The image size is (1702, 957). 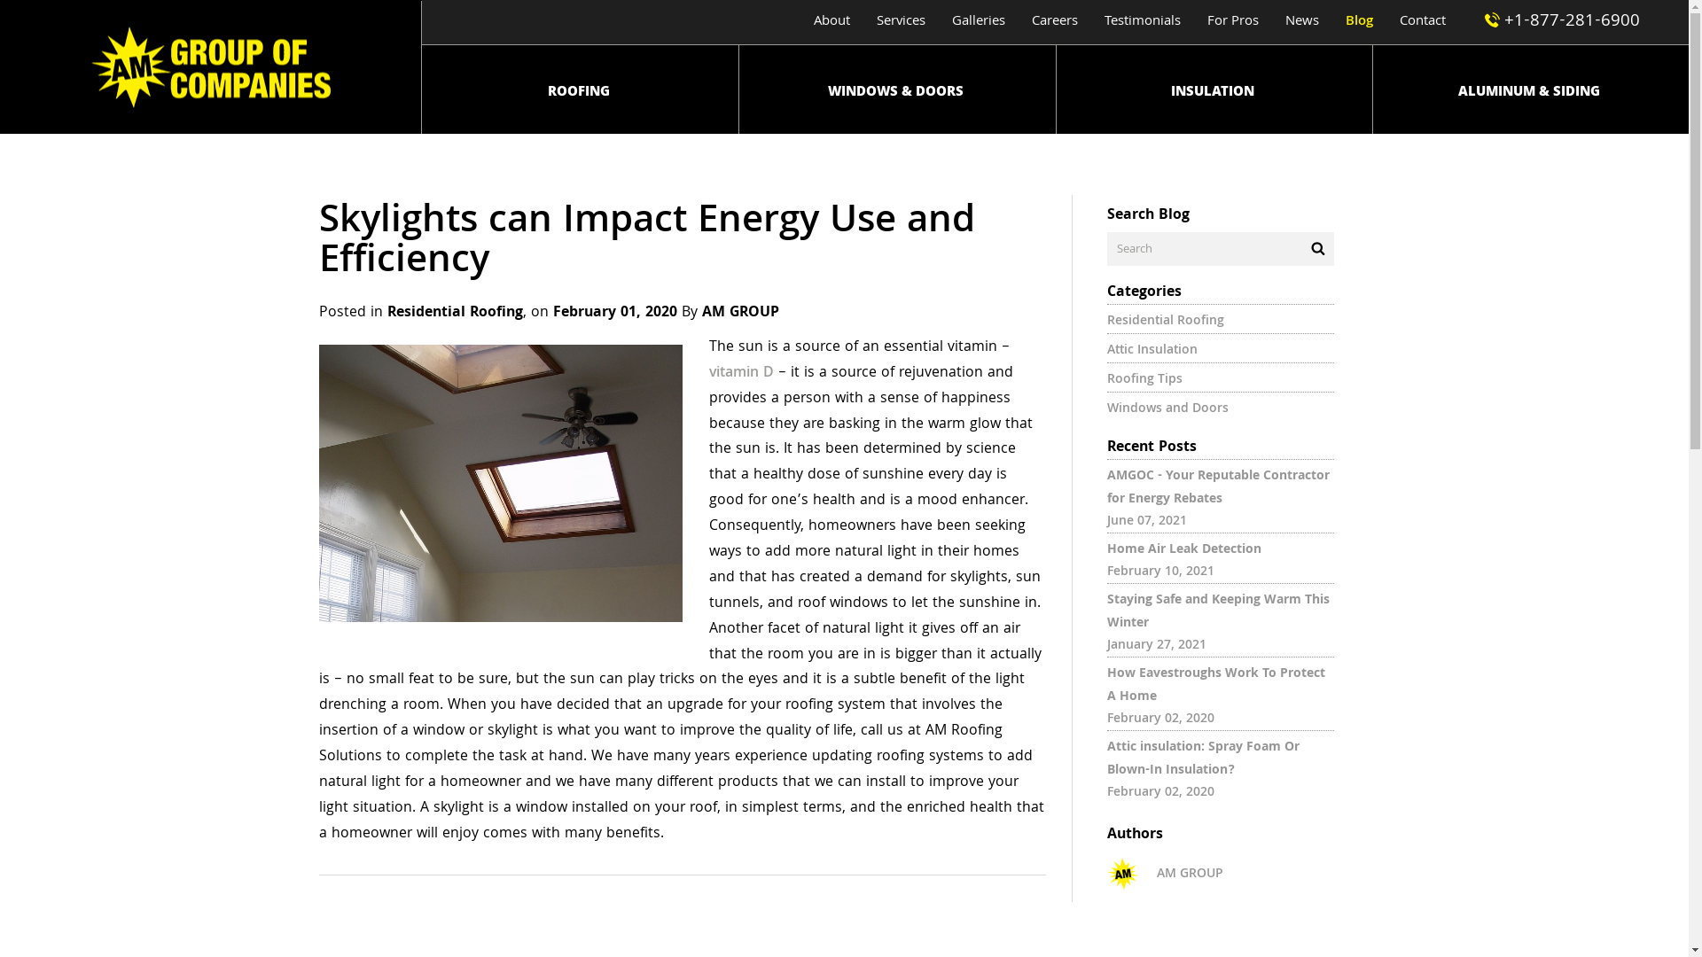 What do you see at coordinates (741, 373) in the screenshot?
I see `'vitamin D'` at bounding box center [741, 373].